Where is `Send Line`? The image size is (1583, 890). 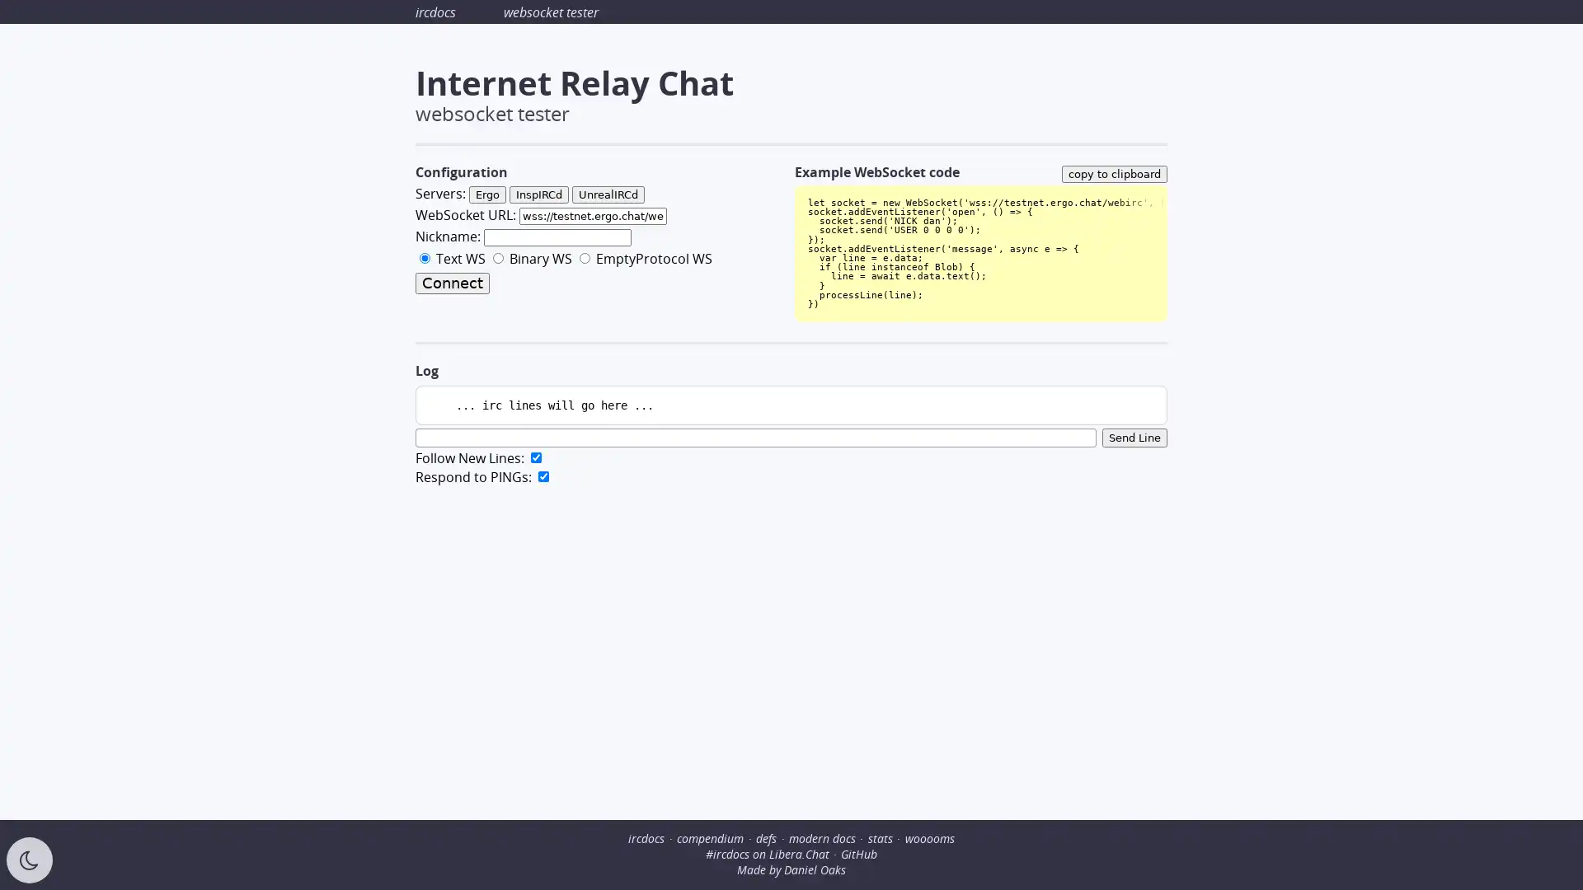
Send Line is located at coordinates (1134, 437).